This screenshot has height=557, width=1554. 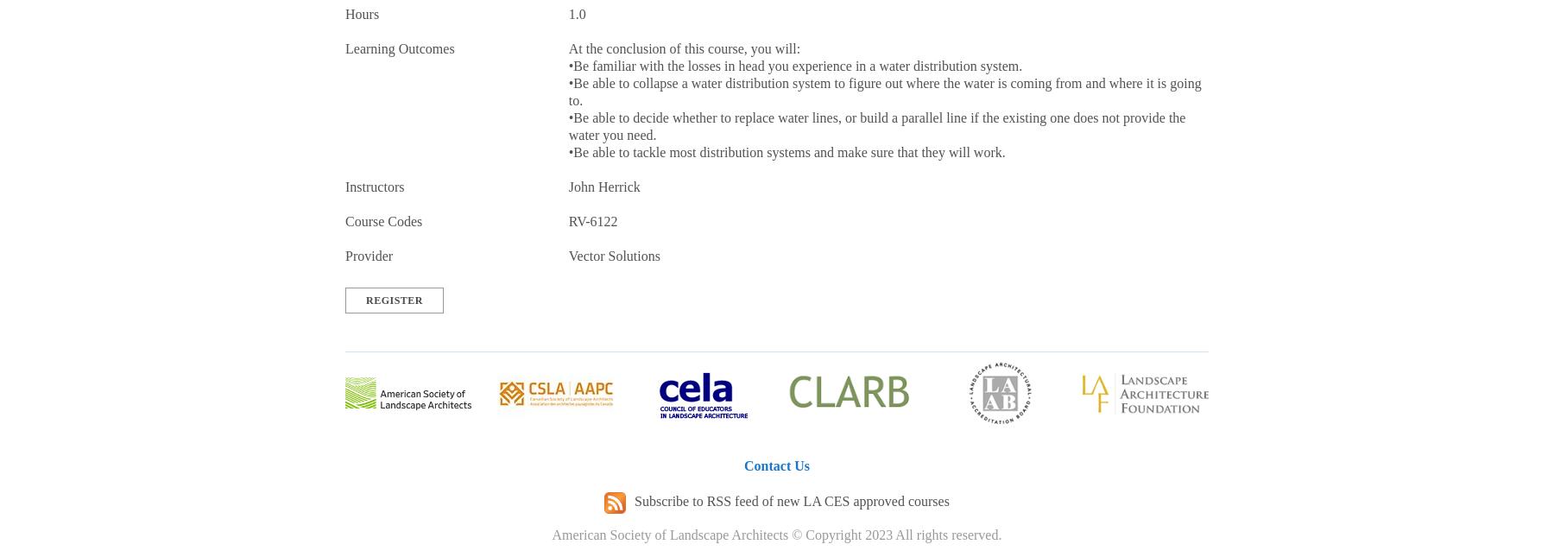 I want to click on 'American Society of Landscape Architects © Copyright
            2023
            All rights reserved.', so click(x=776, y=535).